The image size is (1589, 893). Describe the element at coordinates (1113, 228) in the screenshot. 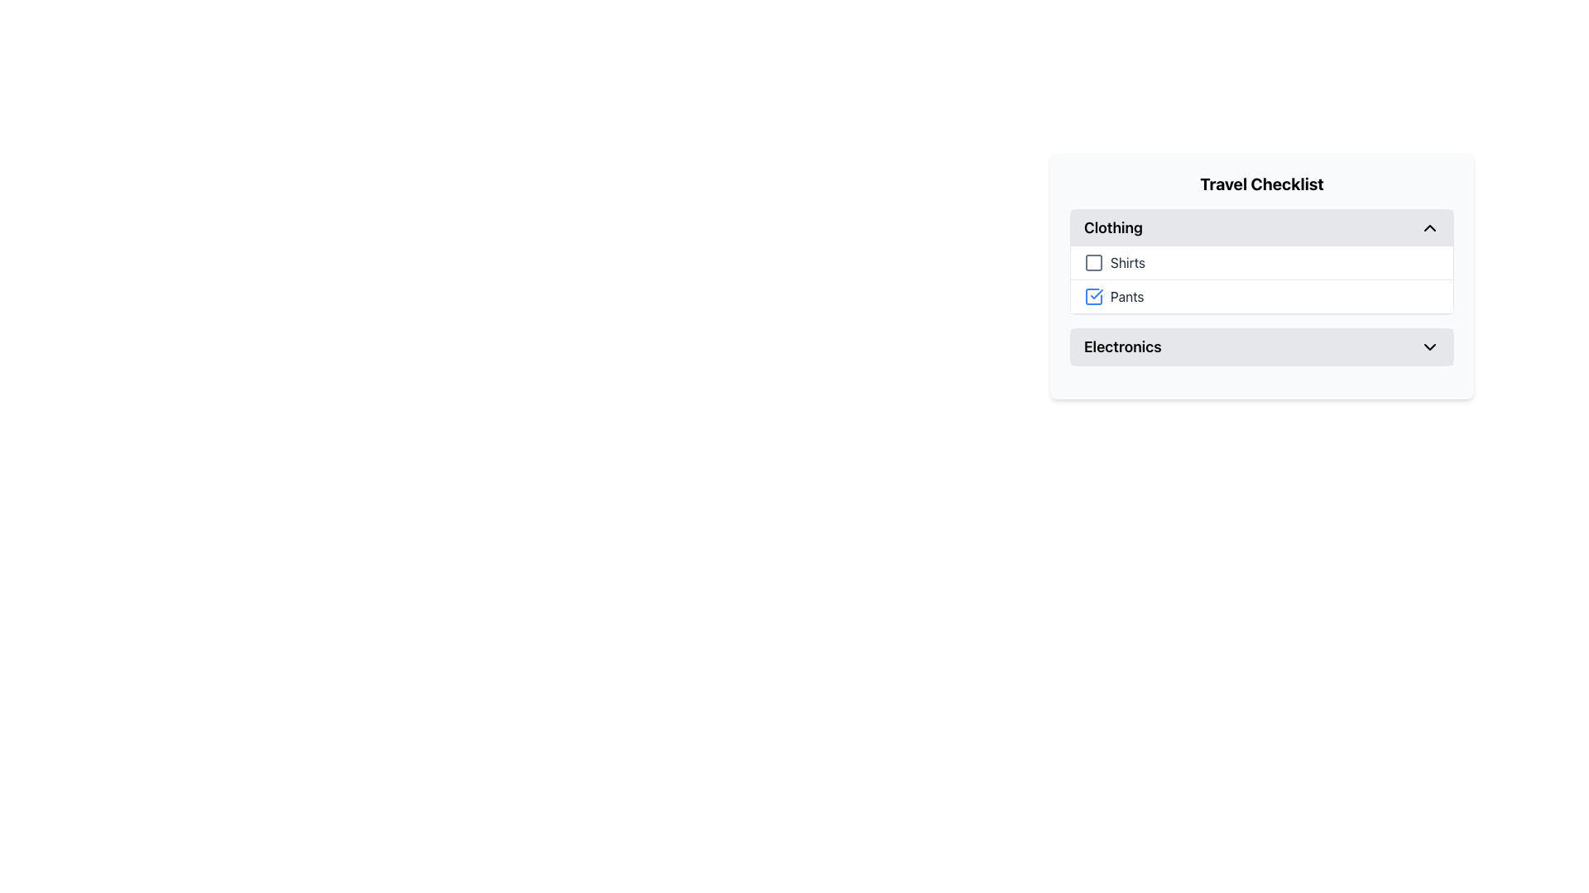

I see `the 'Clothing' label in the collapsible menu` at that location.